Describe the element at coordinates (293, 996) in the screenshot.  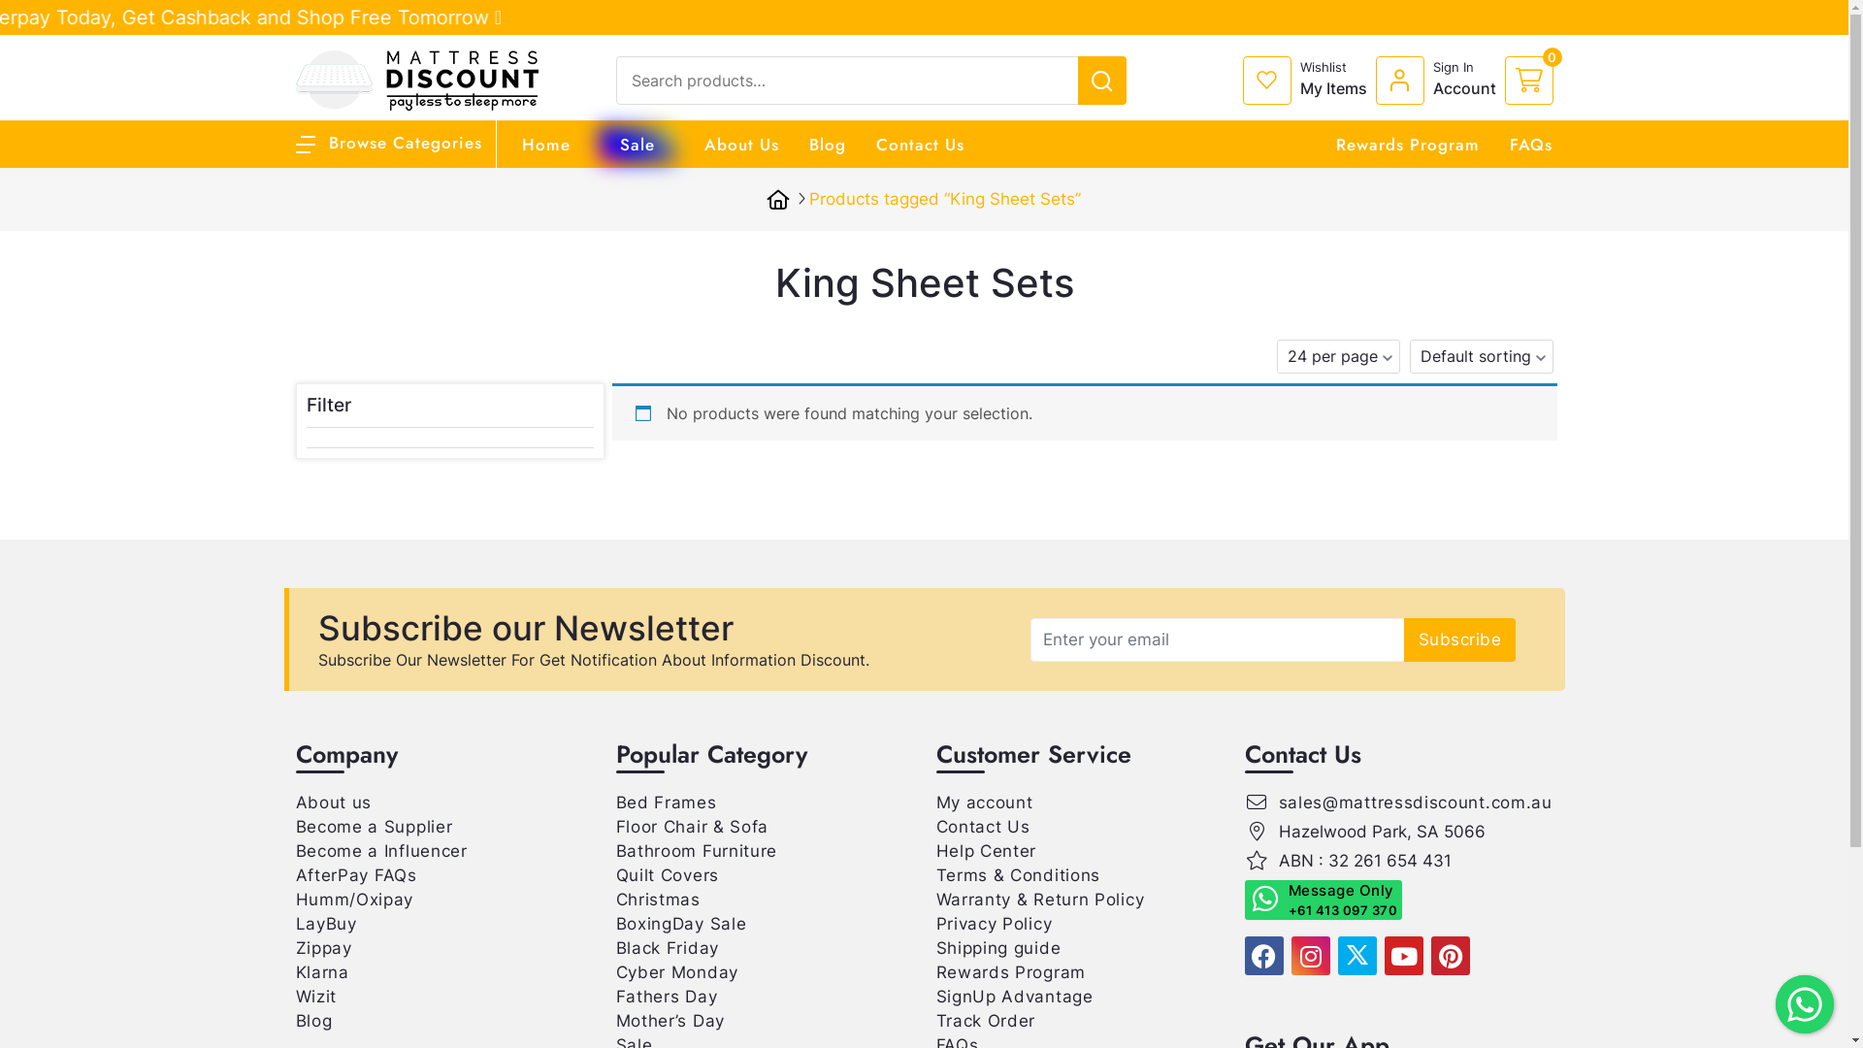
I see `'Wizit'` at that location.